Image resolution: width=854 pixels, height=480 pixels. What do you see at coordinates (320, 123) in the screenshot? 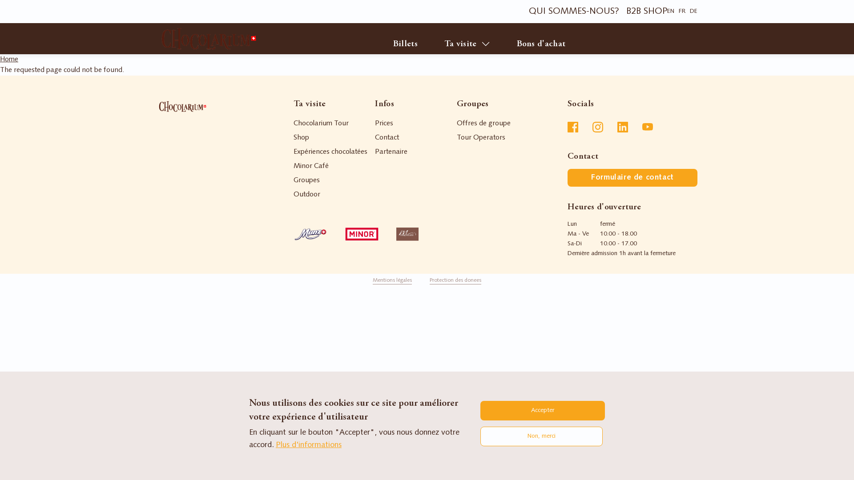
I see `'Chocolarium Tour'` at bounding box center [320, 123].